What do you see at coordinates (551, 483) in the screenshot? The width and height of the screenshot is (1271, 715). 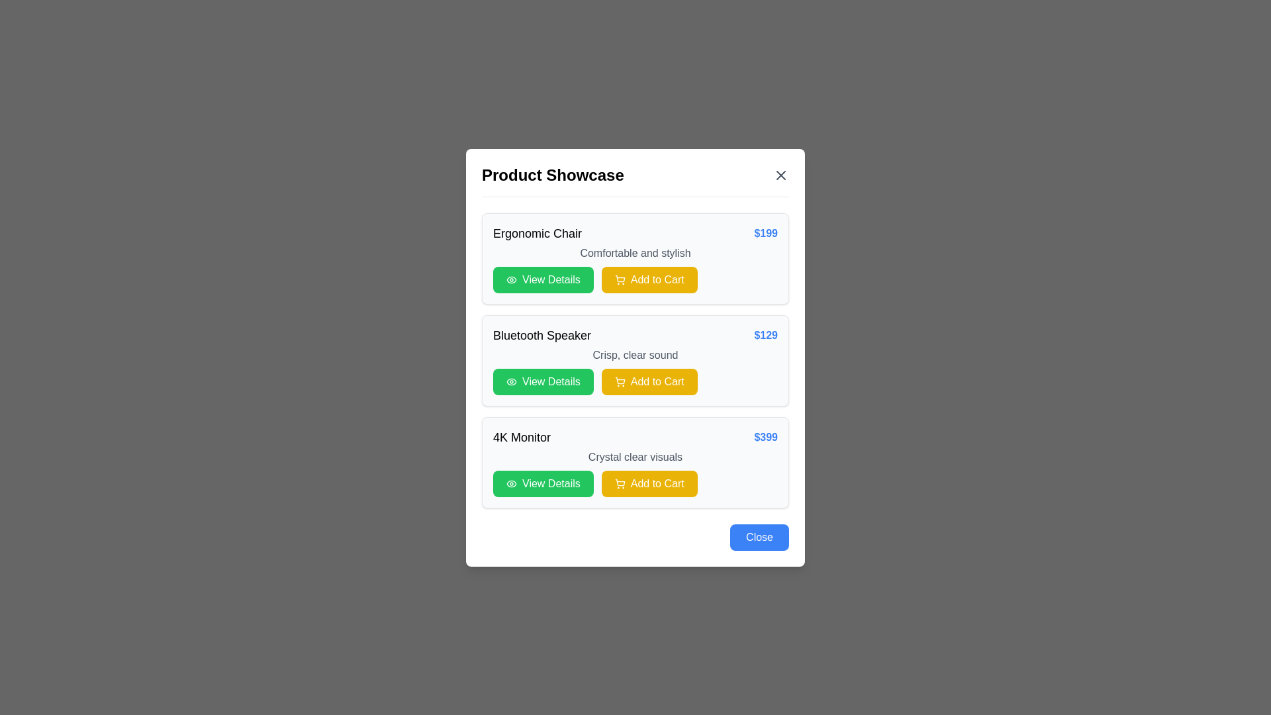 I see `the 'View Details' button, which is a text label in white on a green background, located under the '4K Monitor' listing and to the left of the 'Add to Cart' button` at bounding box center [551, 483].